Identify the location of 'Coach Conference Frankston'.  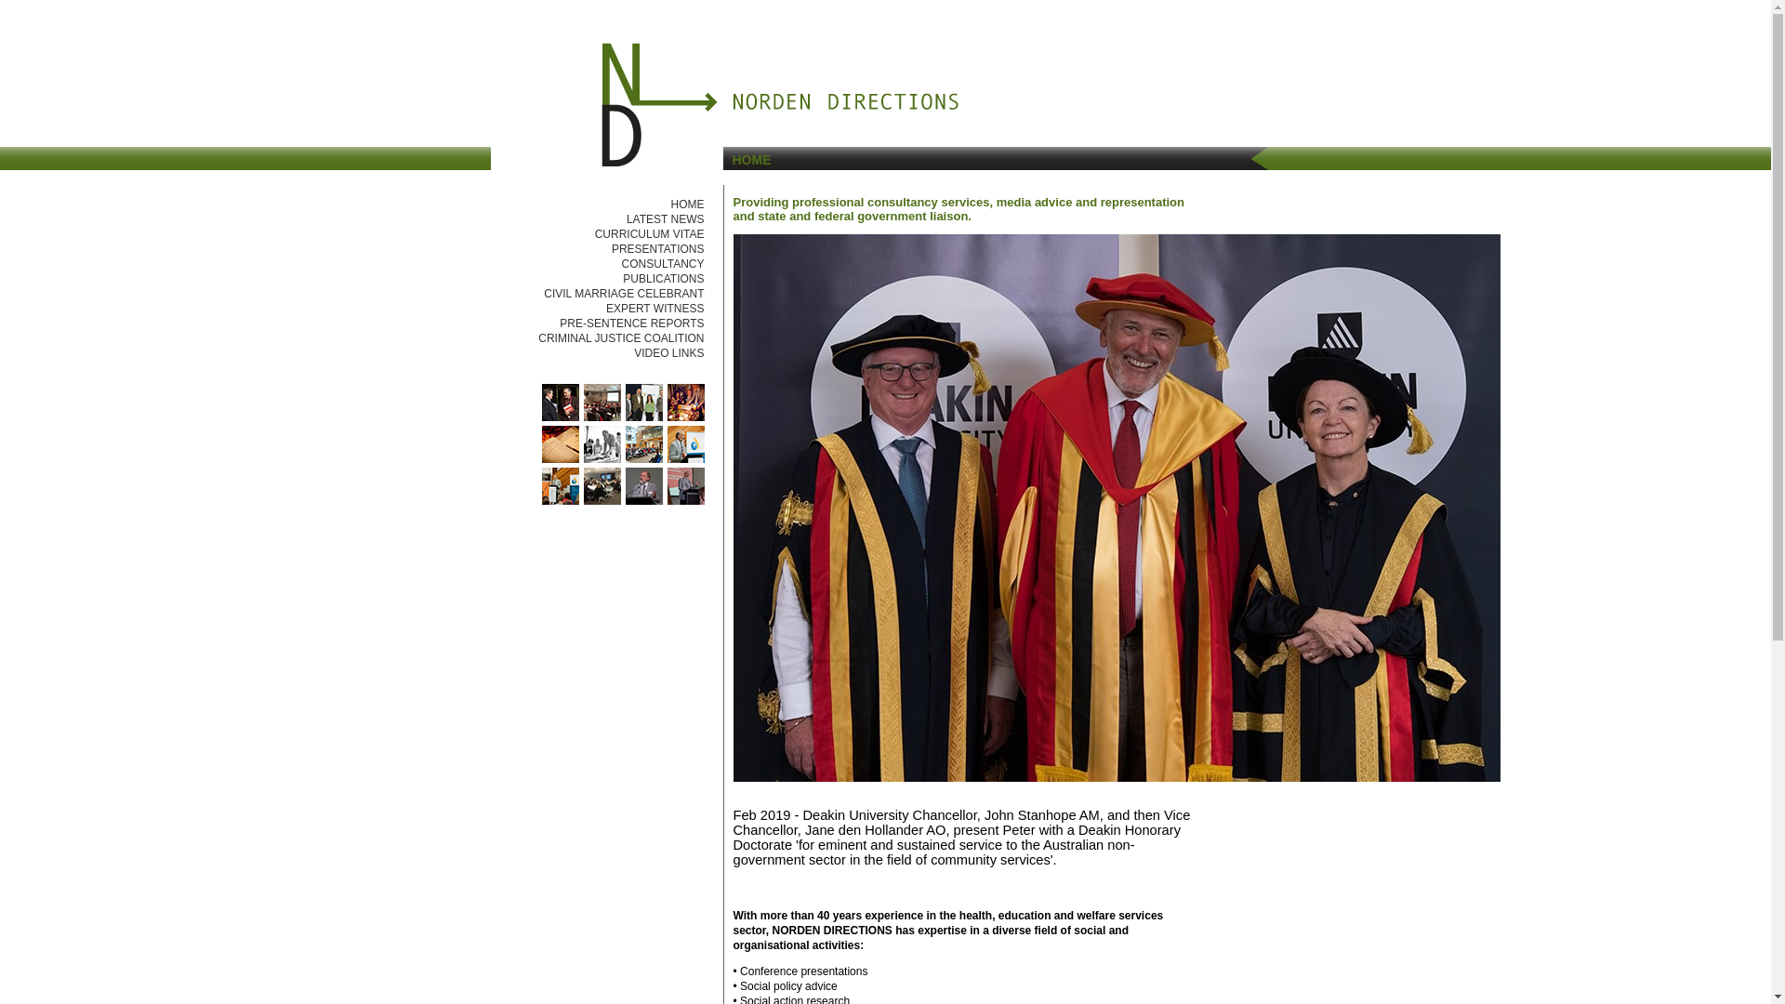
(602, 416).